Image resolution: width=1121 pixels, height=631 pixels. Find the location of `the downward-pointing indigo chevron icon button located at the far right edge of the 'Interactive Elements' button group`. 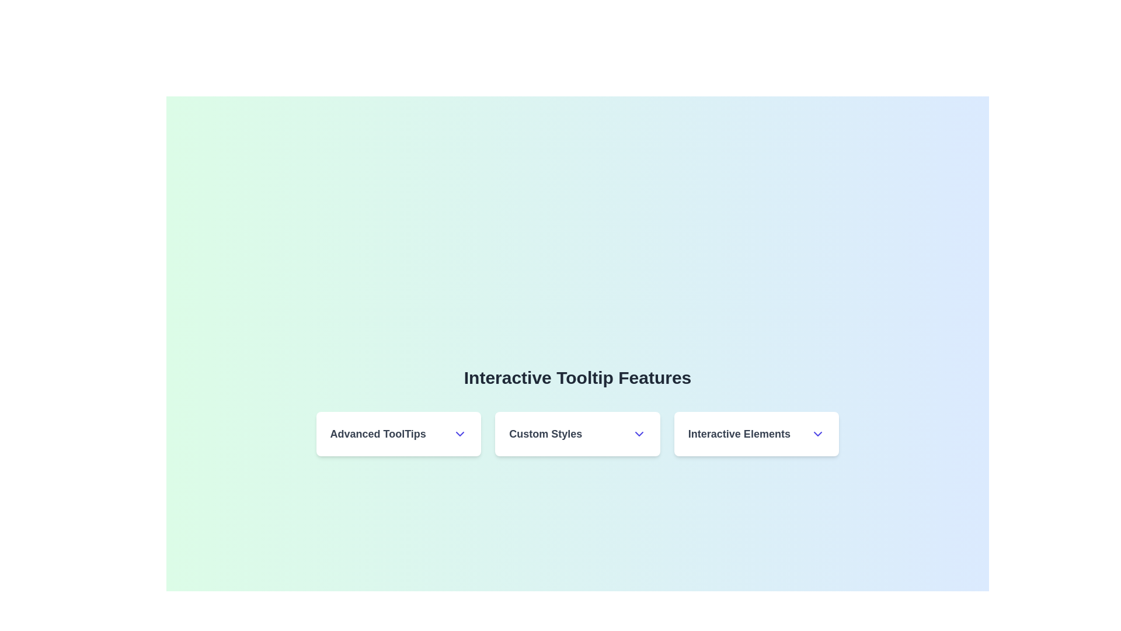

the downward-pointing indigo chevron icon button located at the far right edge of the 'Interactive Elements' button group is located at coordinates (817, 434).